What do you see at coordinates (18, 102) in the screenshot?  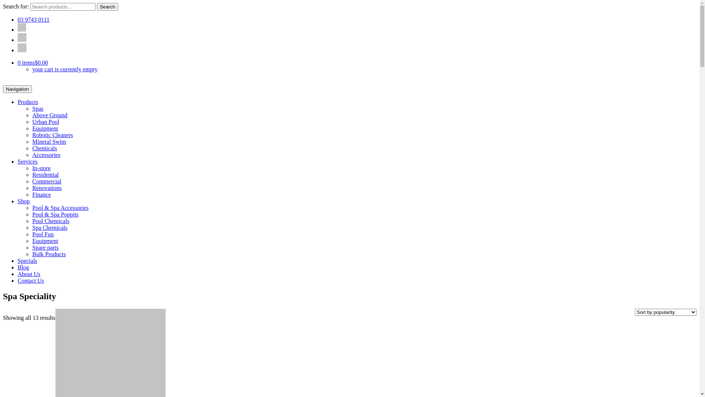 I see `'Products'` at bounding box center [18, 102].